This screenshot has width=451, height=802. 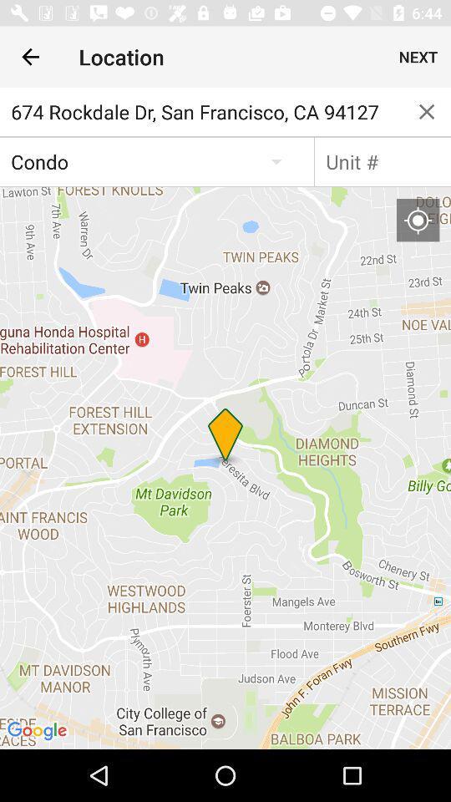 I want to click on put the number in, so click(x=383, y=161).